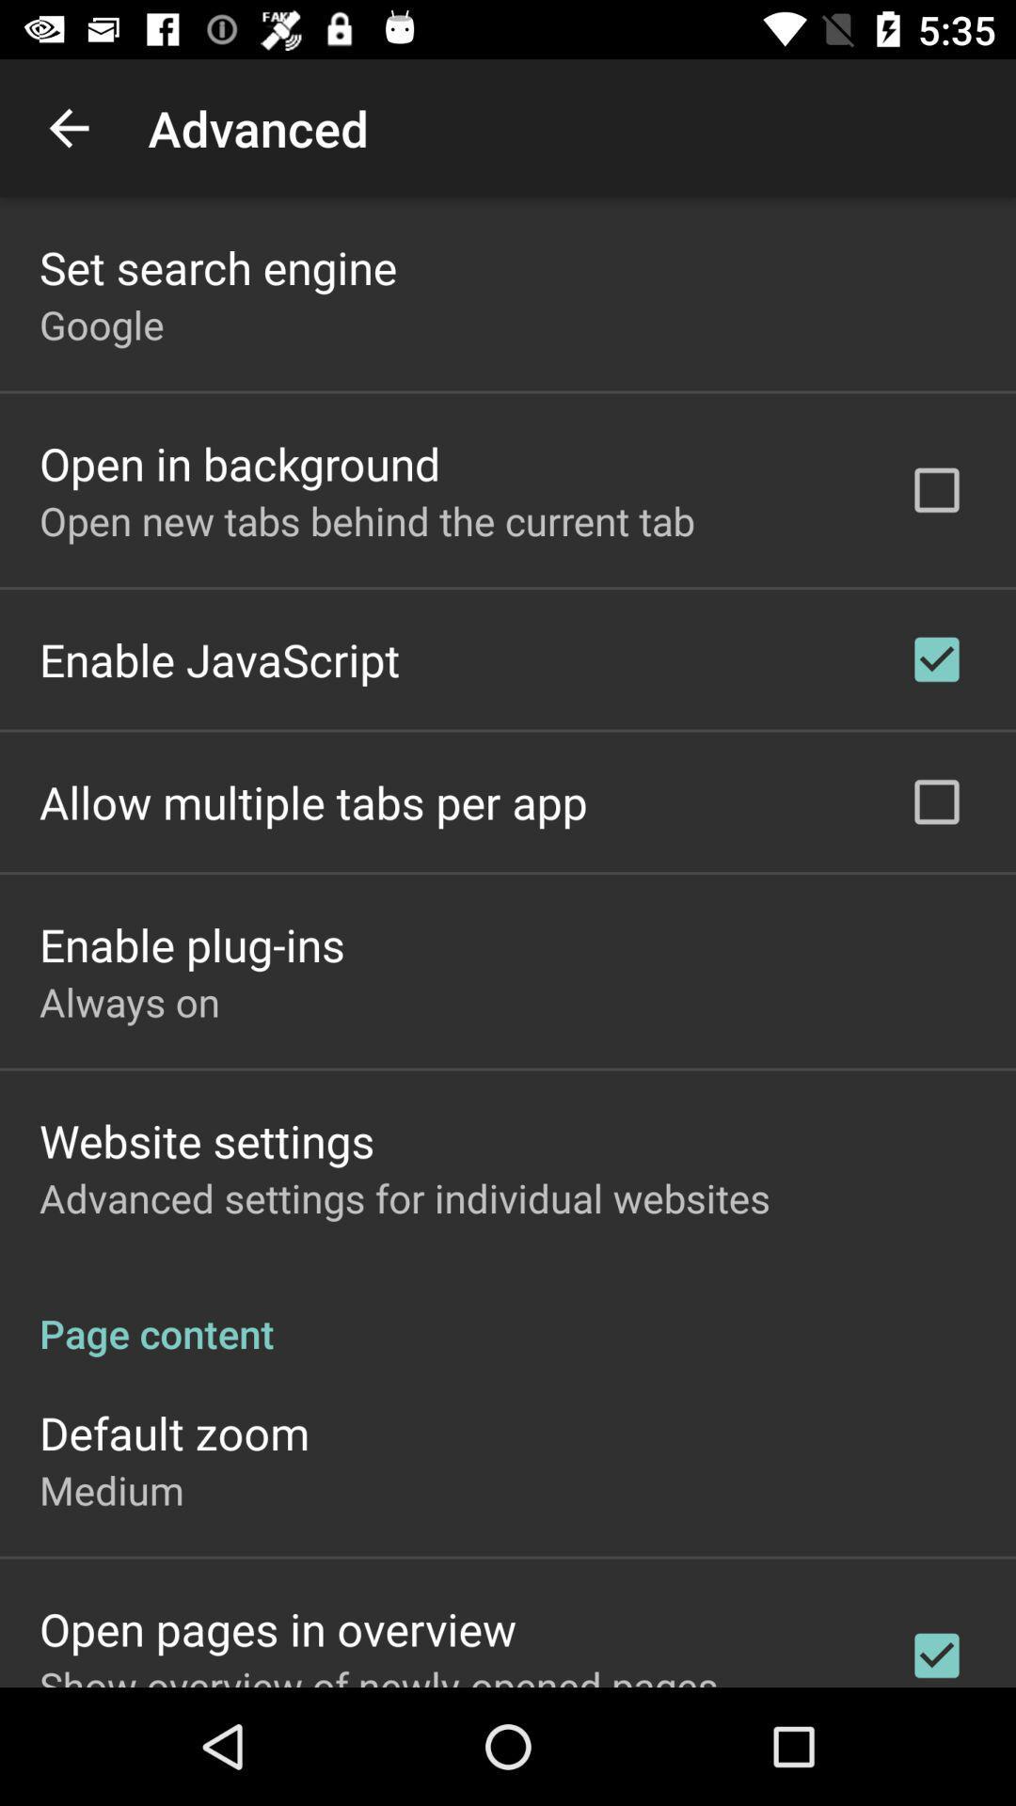 The width and height of the screenshot is (1016, 1806). What do you see at coordinates (207, 1139) in the screenshot?
I see `the website settings app` at bounding box center [207, 1139].